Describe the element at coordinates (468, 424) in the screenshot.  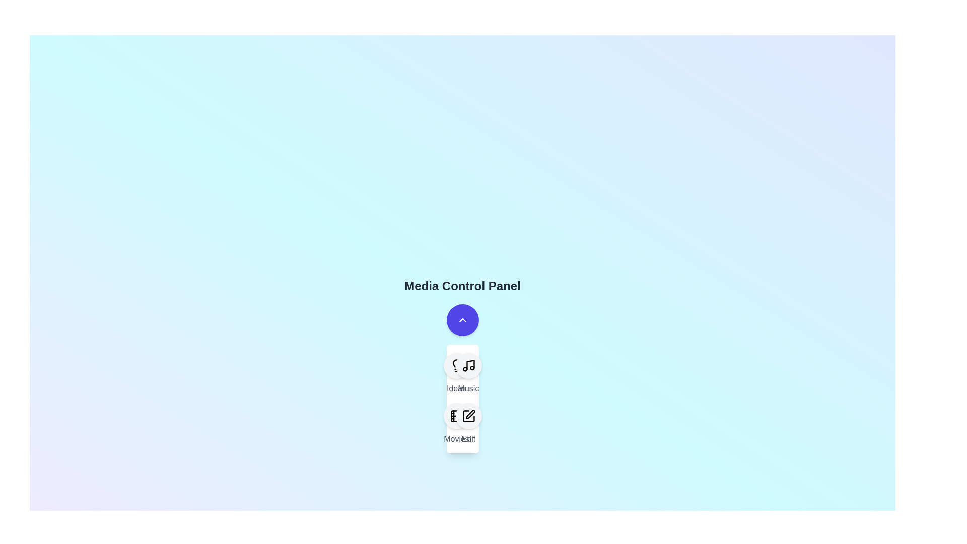
I see `the menu item labeled Edit` at that location.